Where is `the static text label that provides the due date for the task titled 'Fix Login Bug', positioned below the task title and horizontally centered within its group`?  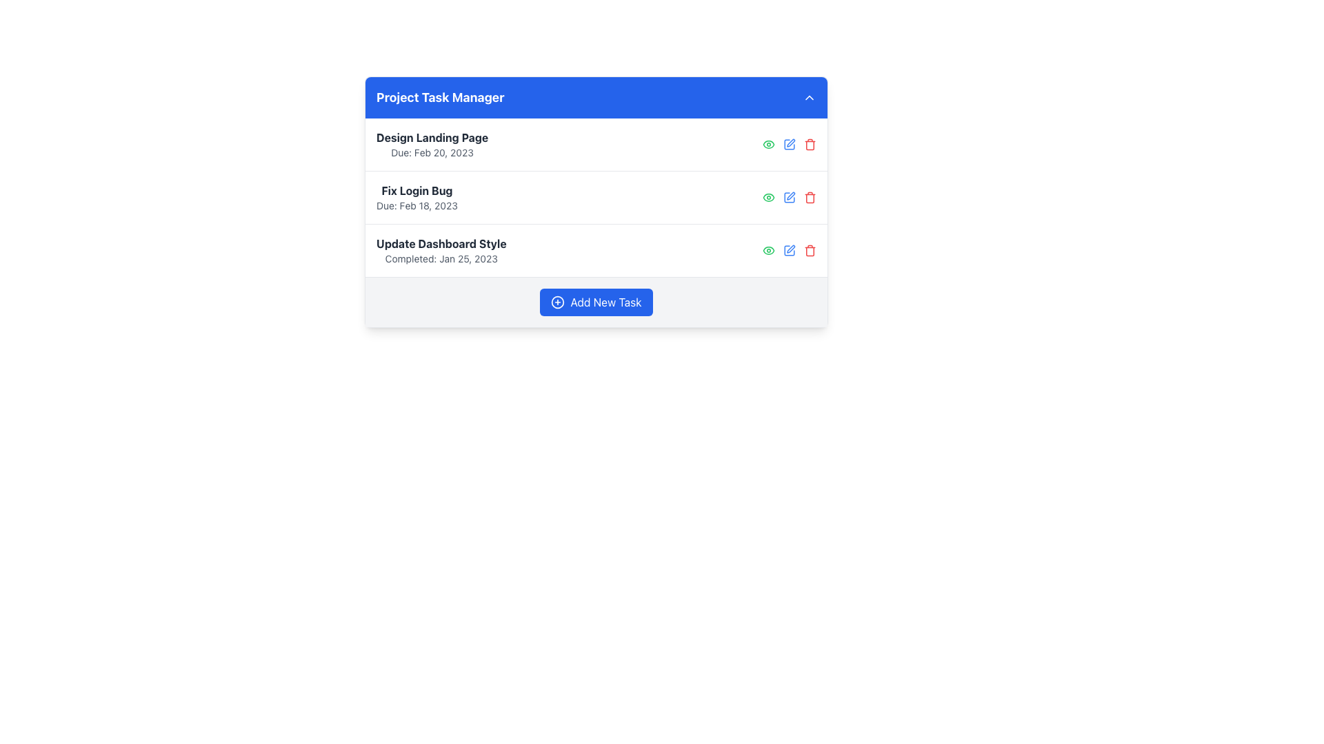
the static text label that provides the due date for the task titled 'Fix Login Bug', positioned below the task title and horizontally centered within its group is located at coordinates (416, 206).